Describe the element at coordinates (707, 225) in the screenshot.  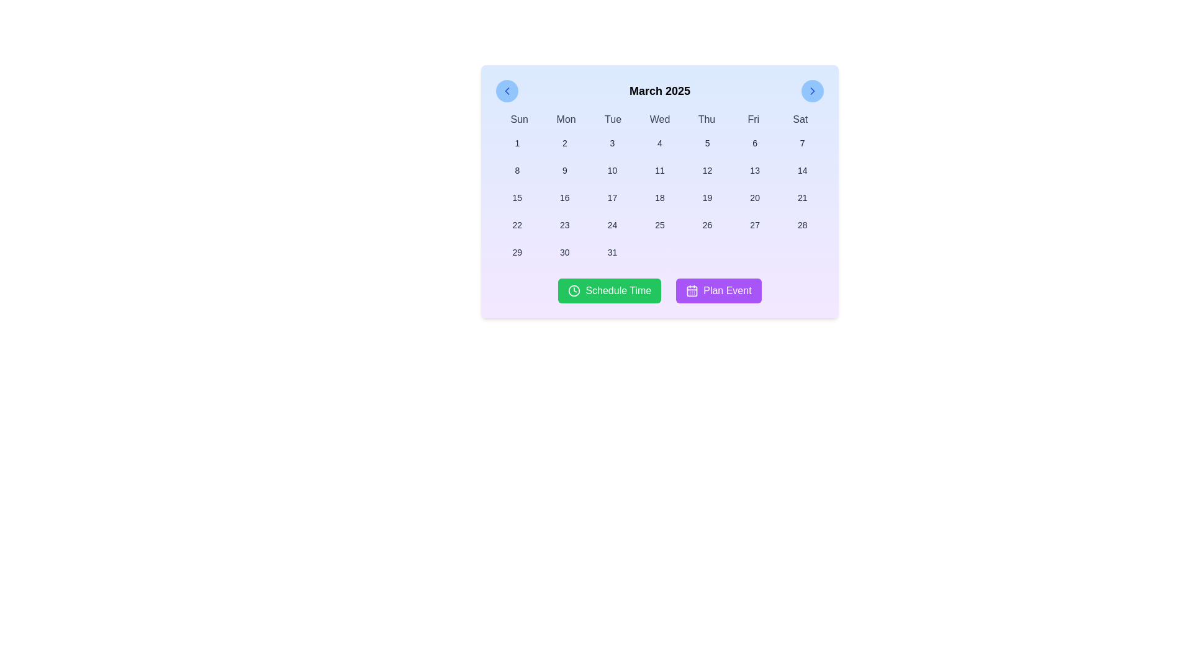
I see `the calendar grid cell displaying the number '26' to trigger the hover effect` at that location.